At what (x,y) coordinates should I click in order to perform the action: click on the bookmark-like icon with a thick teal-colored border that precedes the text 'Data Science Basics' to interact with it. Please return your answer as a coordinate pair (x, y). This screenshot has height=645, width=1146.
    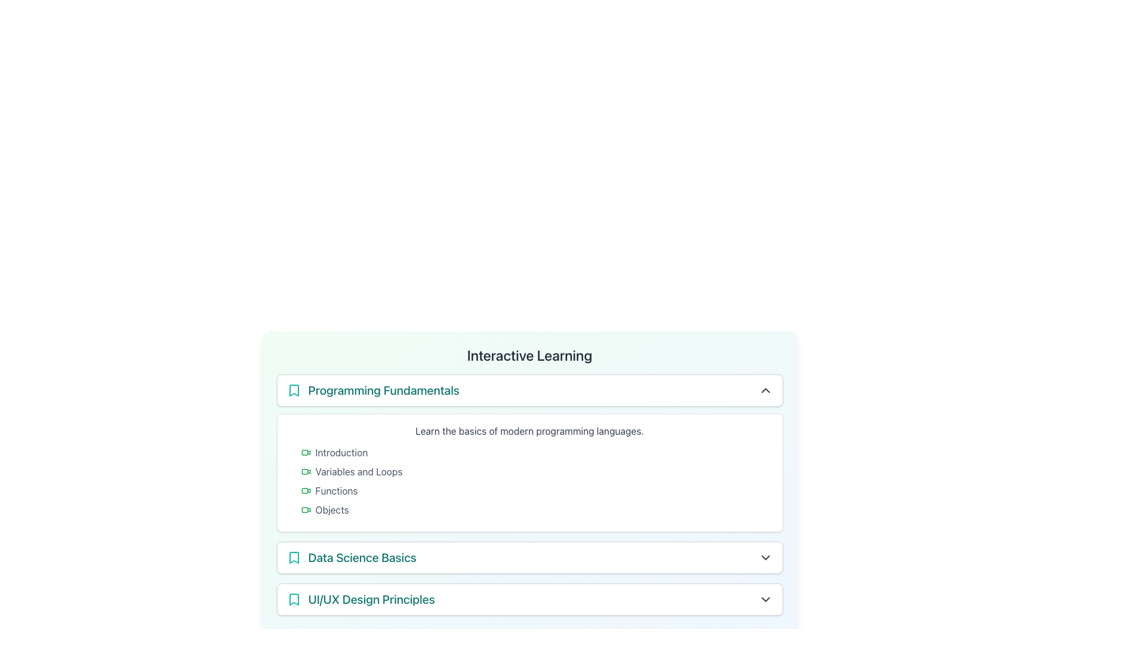
    Looking at the image, I should click on (294, 557).